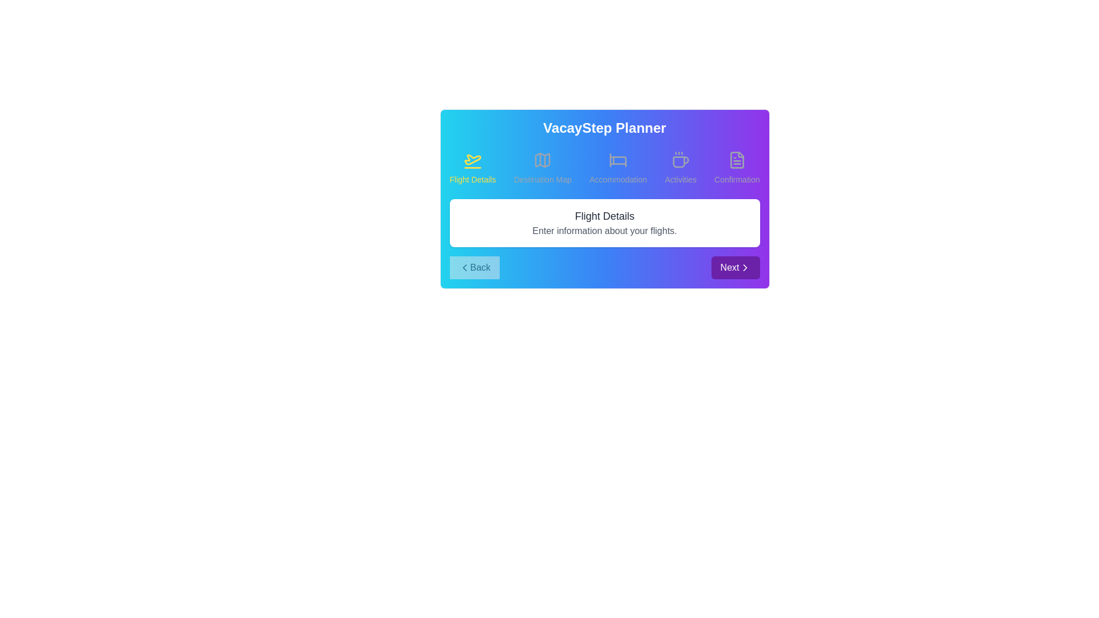 The width and height of the screenshot is (1099, 618). Describe the element at coordinates (681, 168) in the screenshot. I see `the step Activities by clicking its title or icon` at that location.